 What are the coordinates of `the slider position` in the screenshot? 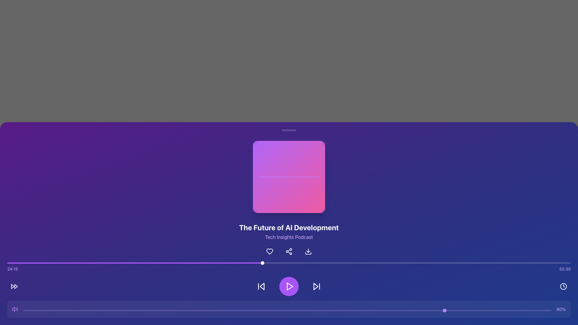 It's located at (340, 311).